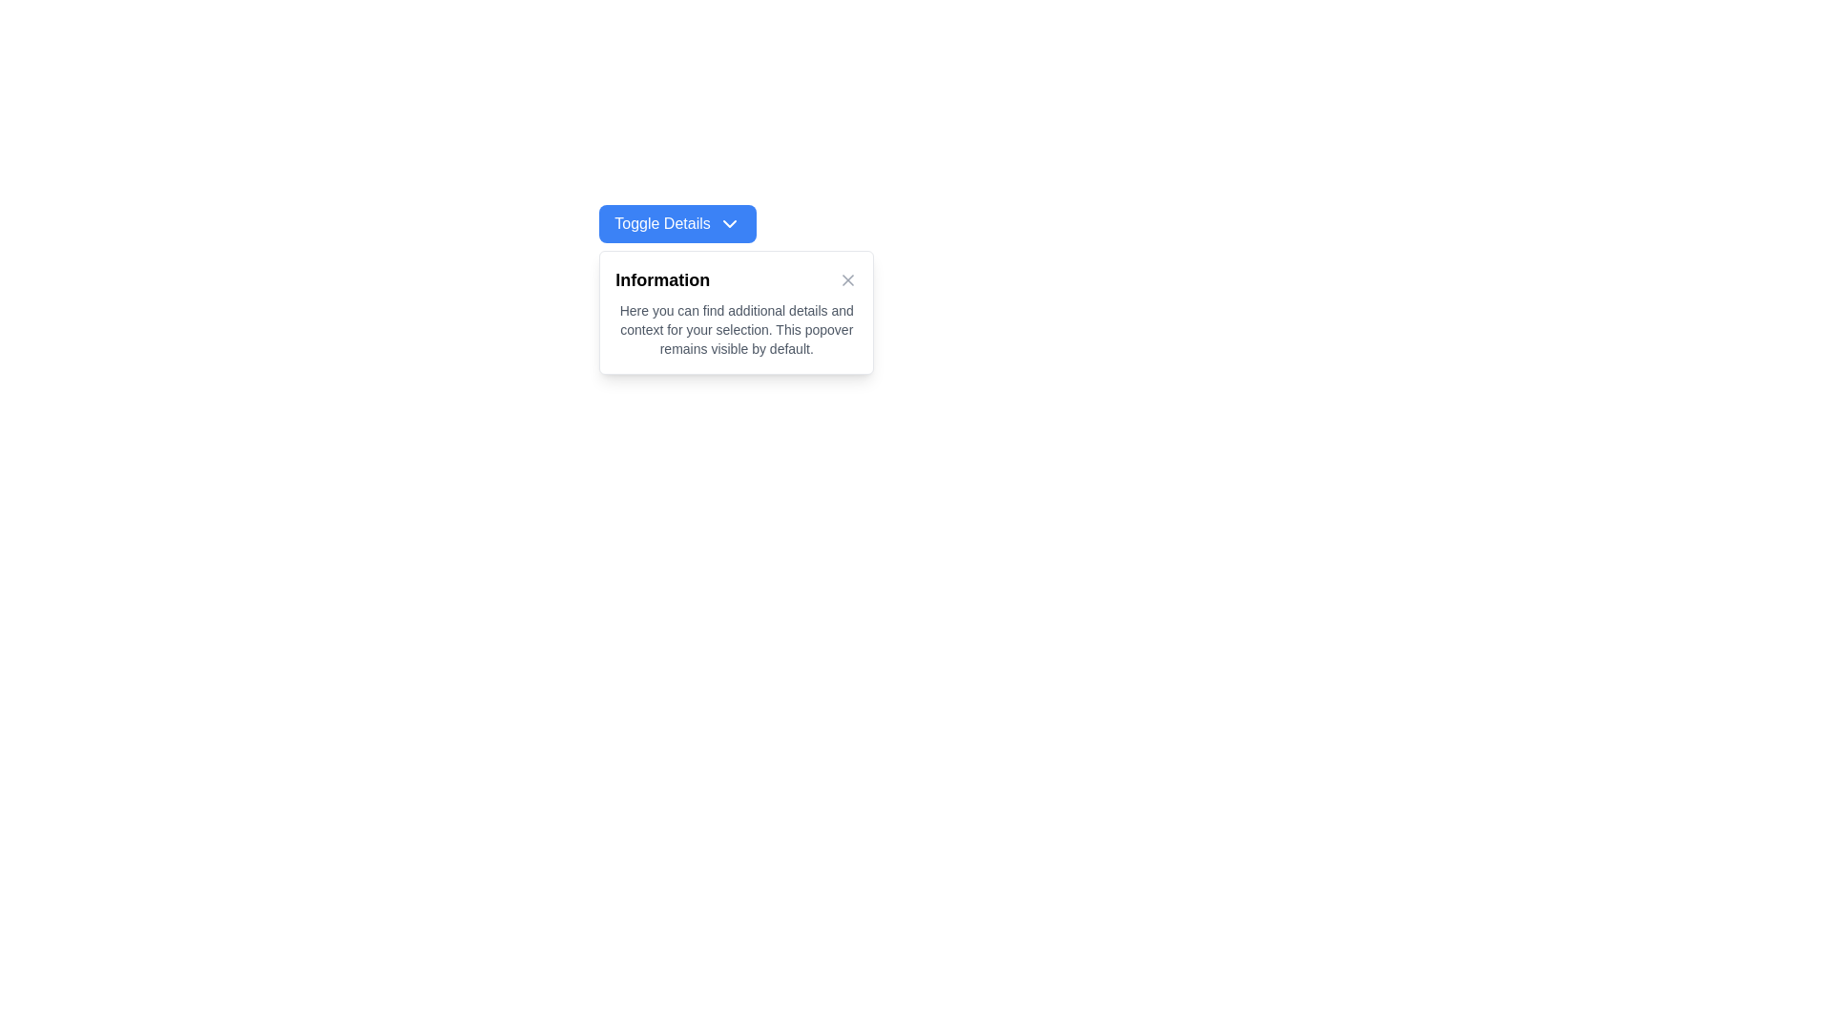 The image size is (1832, 1030). What do you see at coordinates (847, 279) in the screenshot?
I see `the small gray 'X' button at the top-right corner of the 'Information' box` at bounding box center [847, 279].